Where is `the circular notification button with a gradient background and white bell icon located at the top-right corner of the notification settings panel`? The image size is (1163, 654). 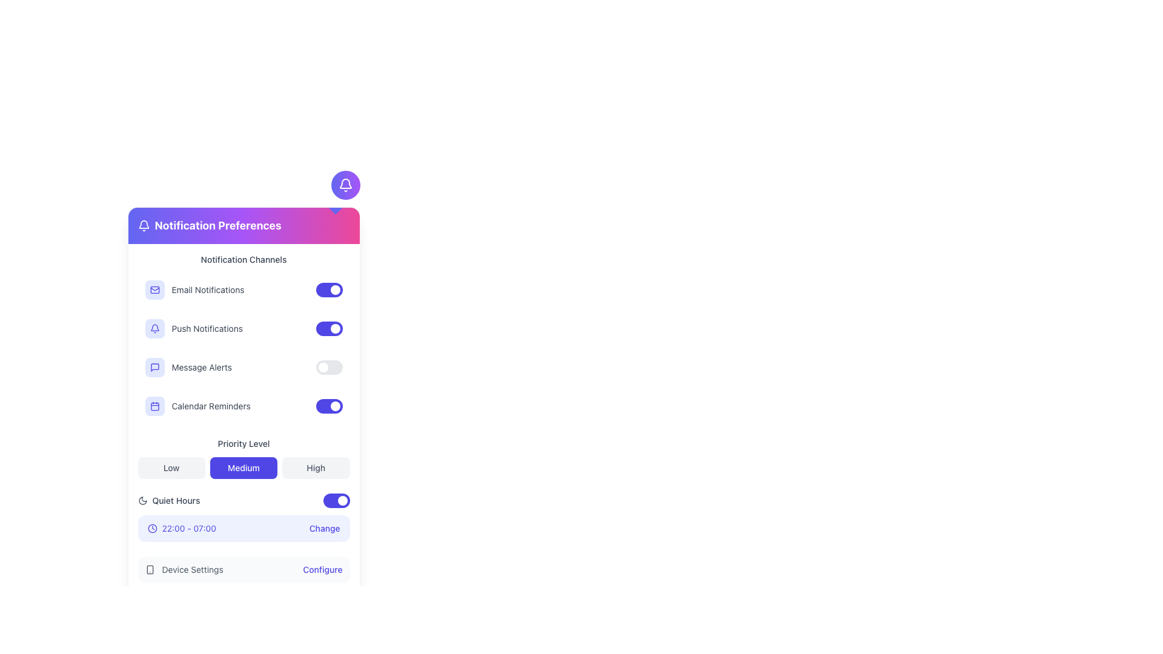
the circular notification button with a gradient background and white bell icon located at the top-right corner of the notification settings panel is located at coordinates (345, 185).